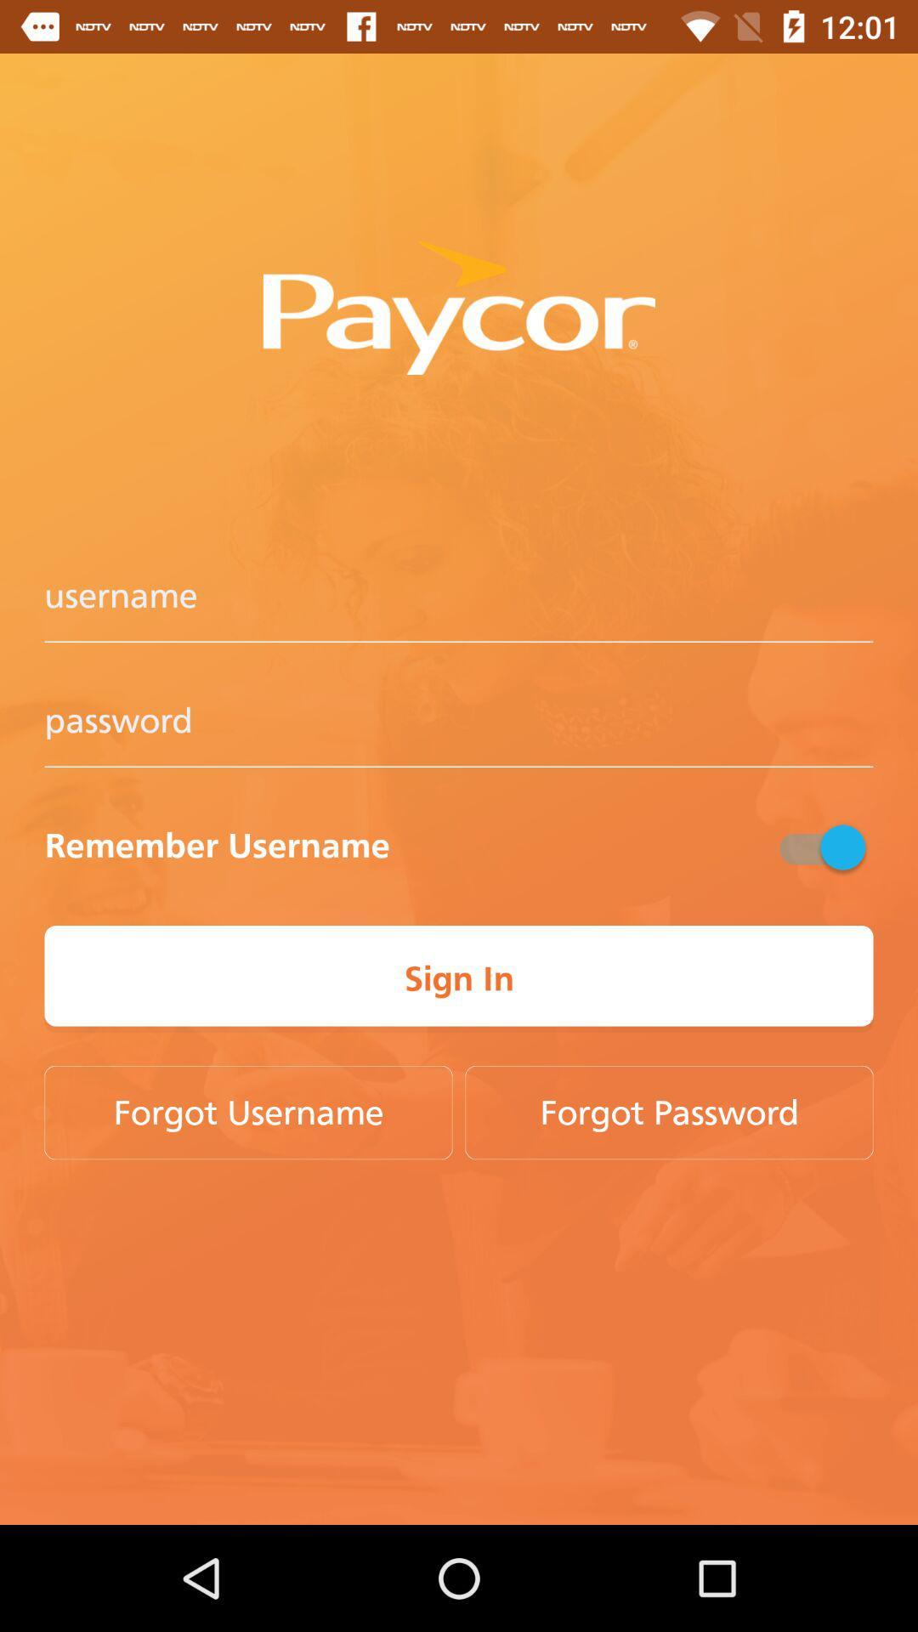 Image resolution: width=918 pixels, height=1632 pixels. Describe the element at coordinates (819, 847) in the screenshot. I see `button above sign in button` at that location.